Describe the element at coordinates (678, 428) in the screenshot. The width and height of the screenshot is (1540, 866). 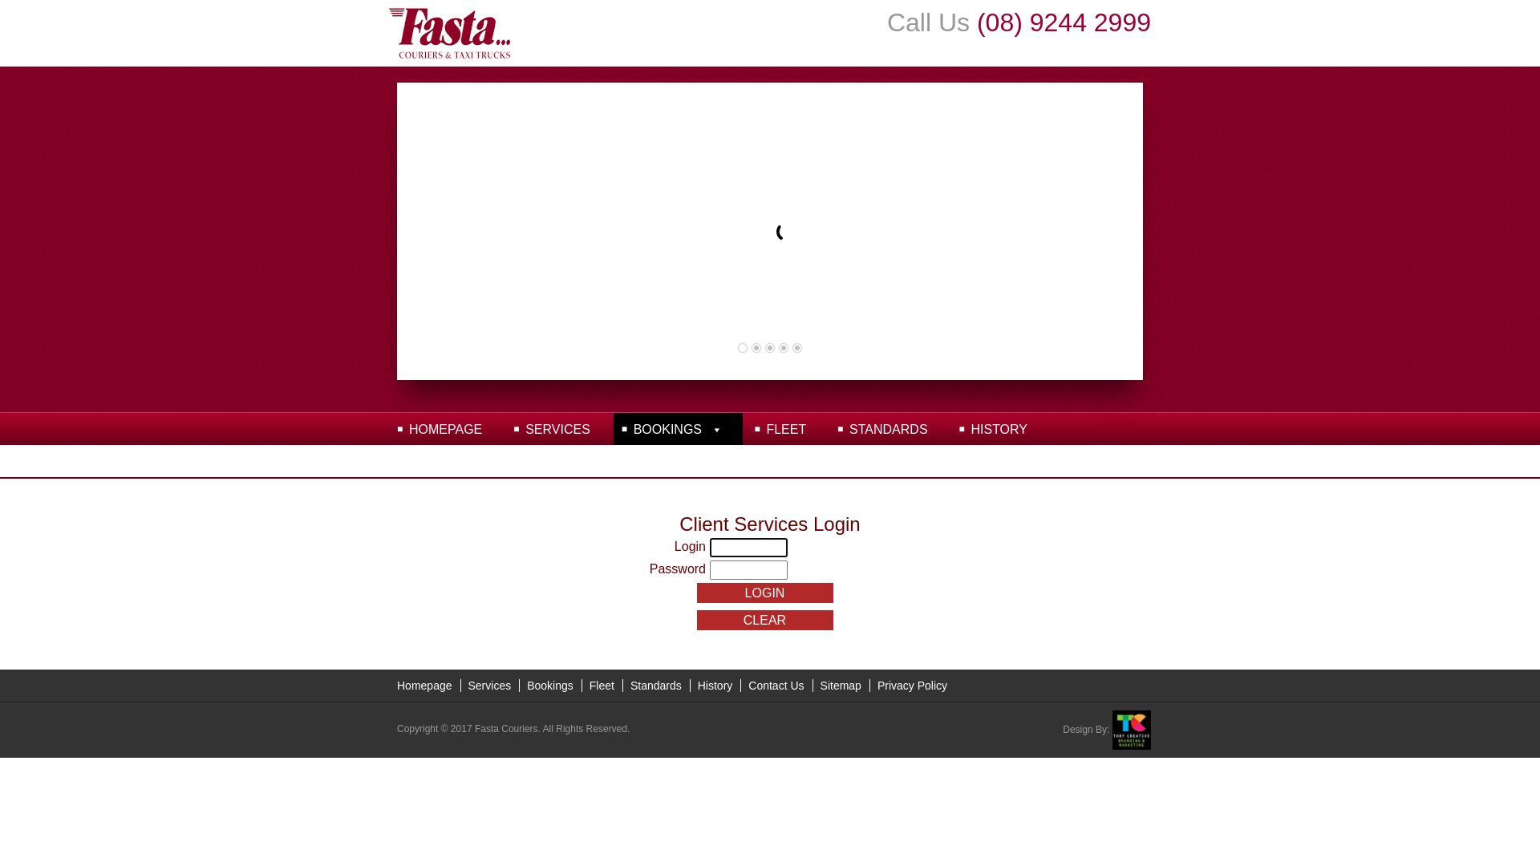
I see `'BOOKINGS'` at that location.